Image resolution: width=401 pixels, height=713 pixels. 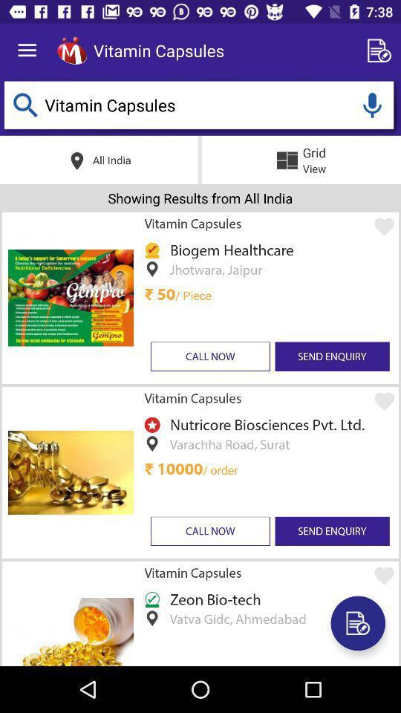 I want to click on the item below the vitamin capsules, so click(x=264, y=424).